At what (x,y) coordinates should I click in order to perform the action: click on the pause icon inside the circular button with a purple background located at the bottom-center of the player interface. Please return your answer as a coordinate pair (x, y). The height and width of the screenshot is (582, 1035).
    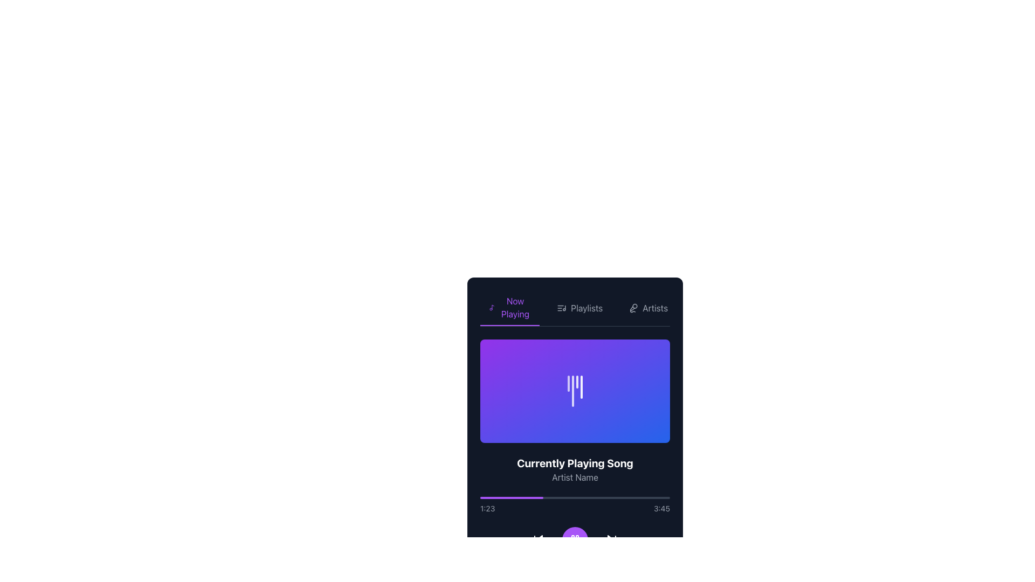
    Looking at the image, I should click on (574, 540).